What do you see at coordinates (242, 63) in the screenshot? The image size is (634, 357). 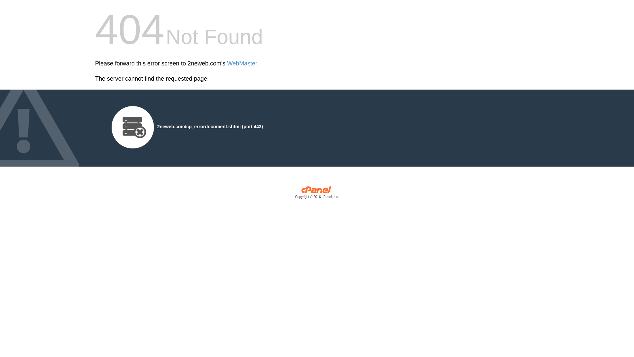 I see `'WebMaster'` at bounding box center [242, 63].